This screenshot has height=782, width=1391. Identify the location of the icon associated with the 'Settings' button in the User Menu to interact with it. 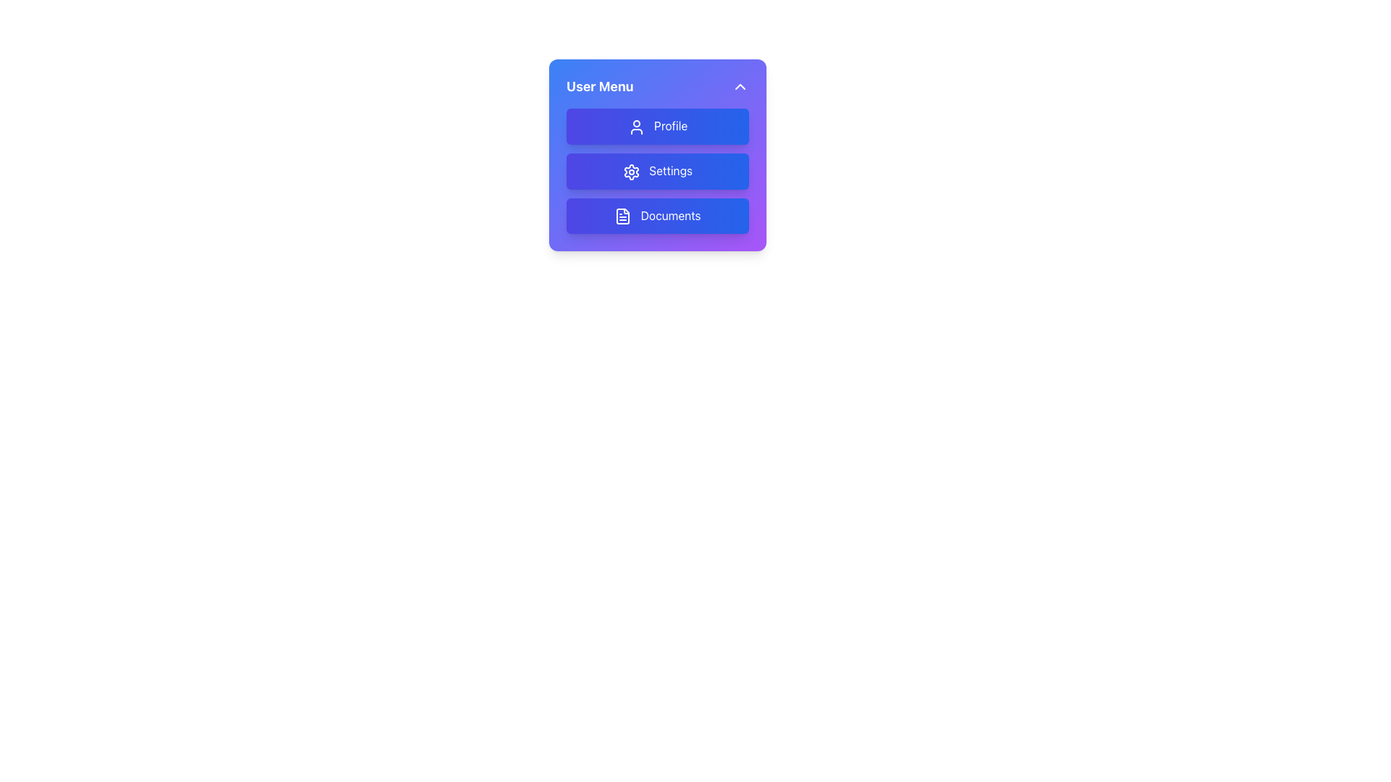
(632, 171).